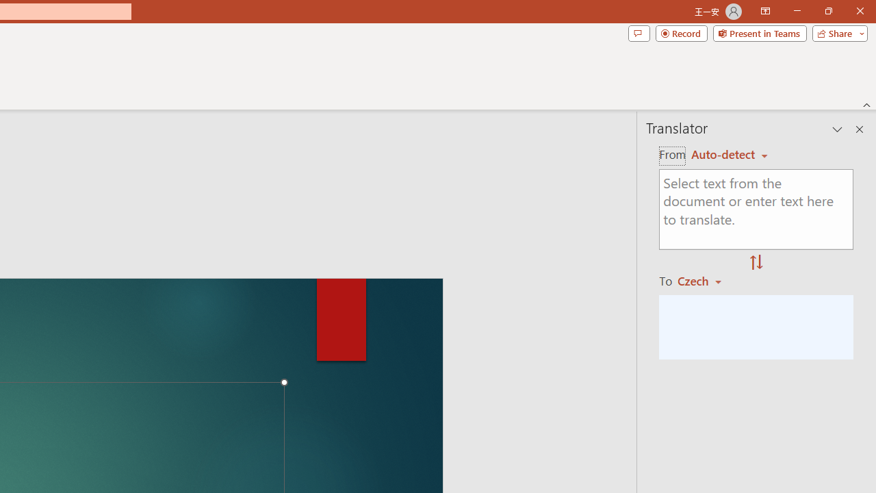 The image size is (876, 493). Describe the element at coordinates (837, 129) in the screenshot. I see `'Task Pane Options'` at that location.